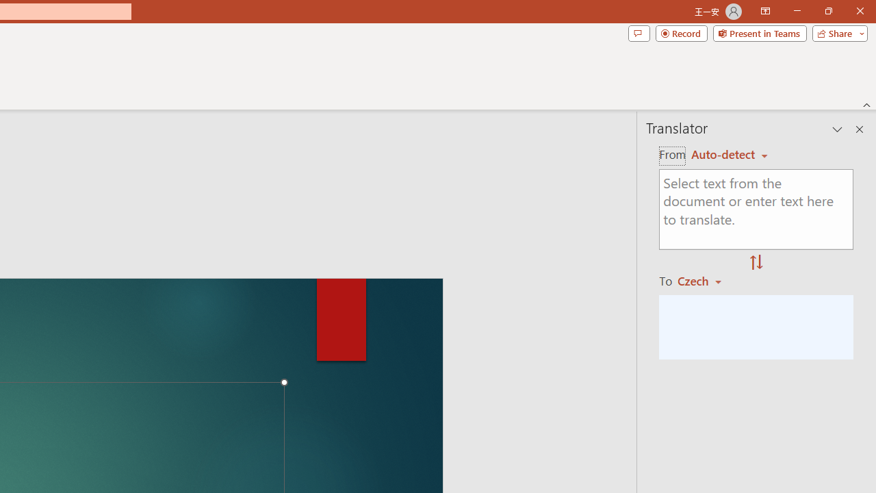 The image size is (876, 493). Describe the element at coordinates (837, 129) in the screenshot. I see `'Task Pane Options'` at that location.